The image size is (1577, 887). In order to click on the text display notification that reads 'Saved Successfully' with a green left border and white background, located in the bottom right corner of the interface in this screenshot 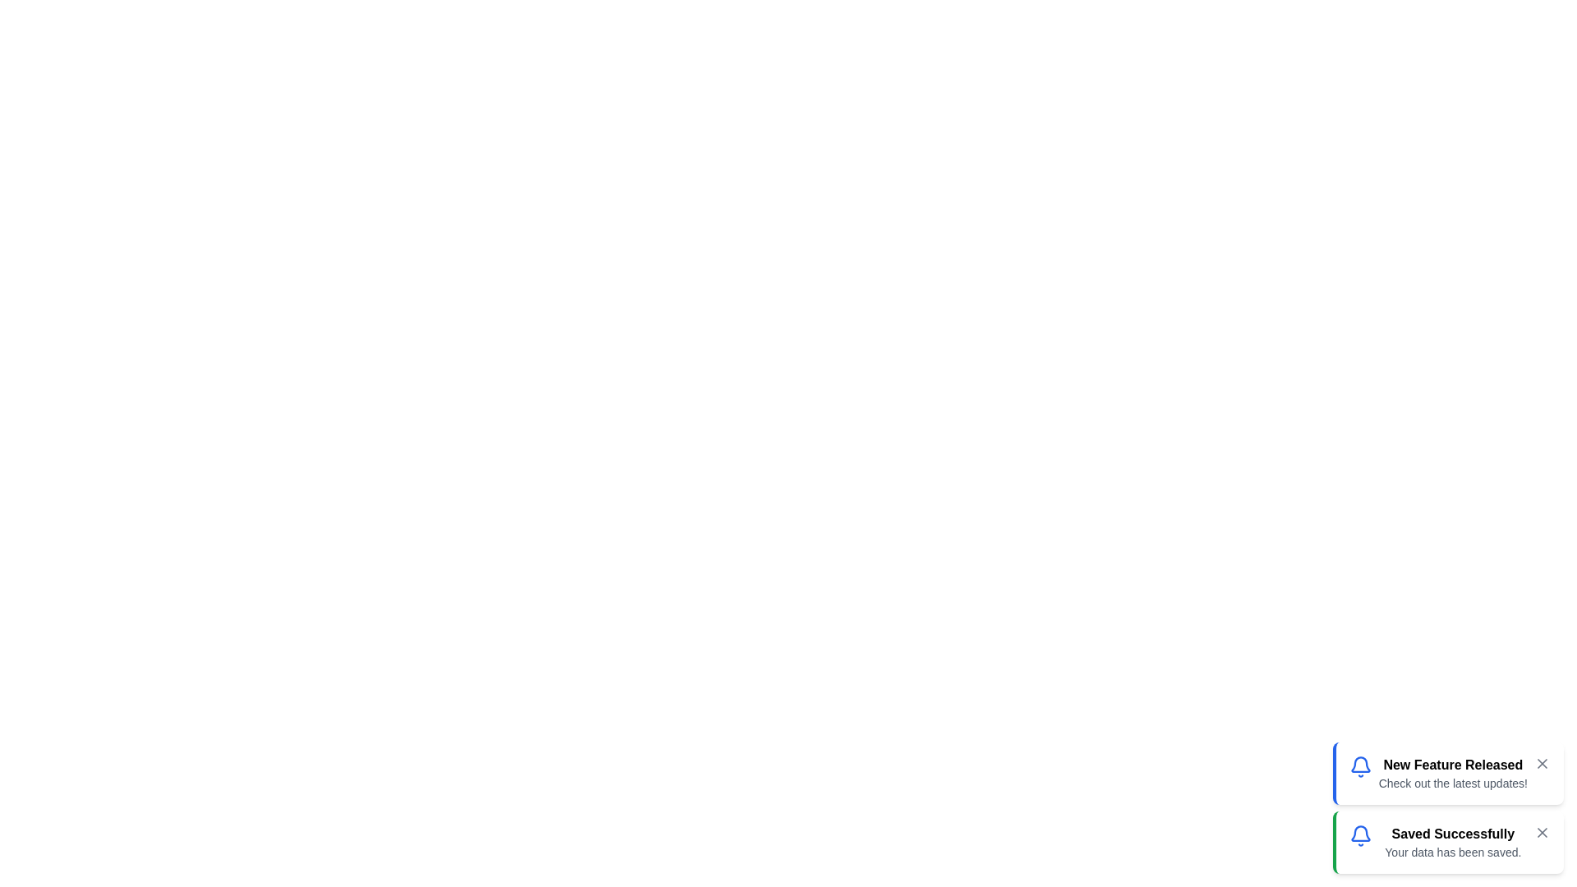, I will do `click(1453, 843)`.